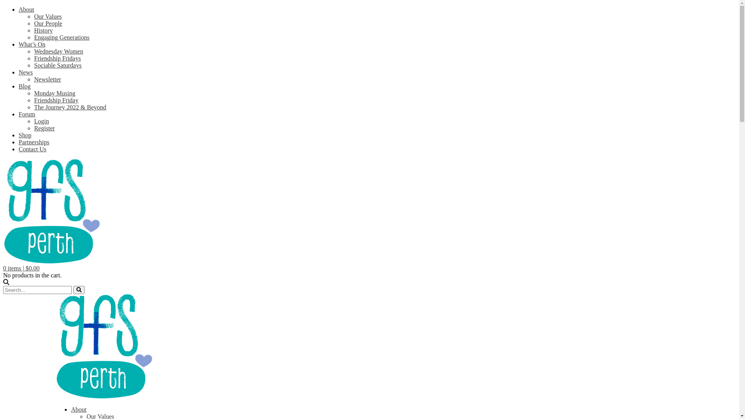  Describe the element at coordinates (44, 128) in the screenshot. I see `'Register'` at that location.